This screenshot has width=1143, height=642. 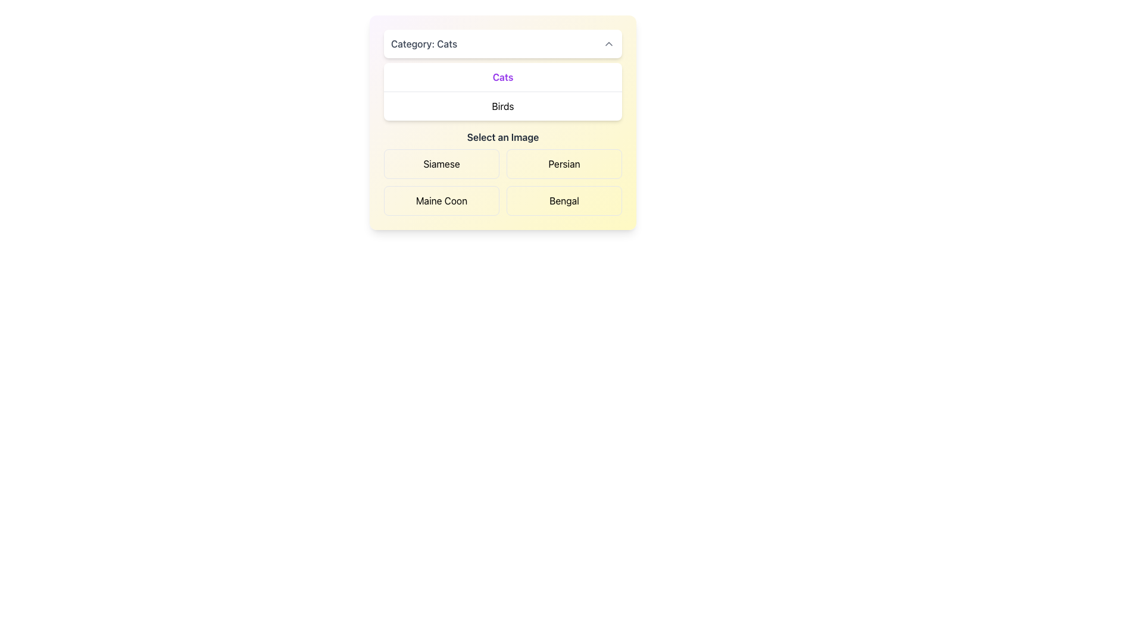 What do you see at coordinates (502, 77) in the screenshot?
I see `the 'Cats' category label in the selection menu` at bounding box center [502, 77].